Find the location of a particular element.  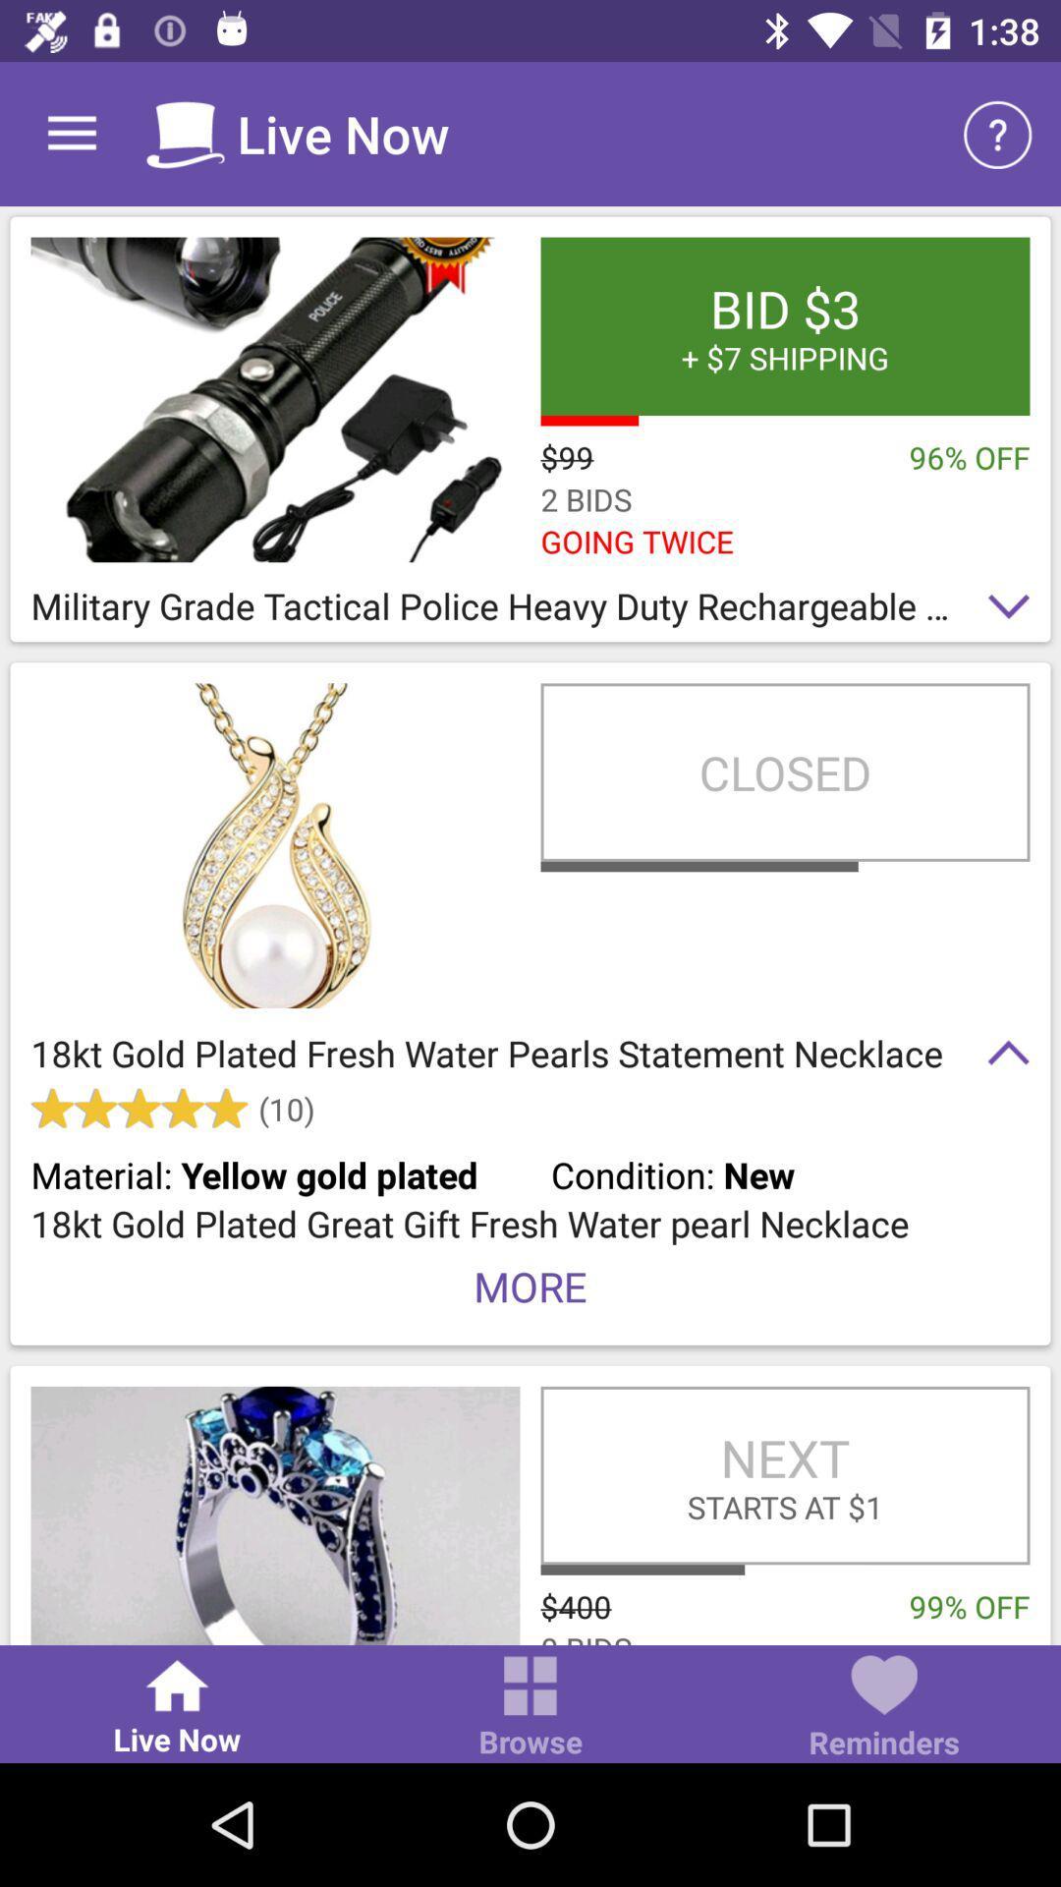

icon to the right of live now item is located at coordinates (530, 1707).